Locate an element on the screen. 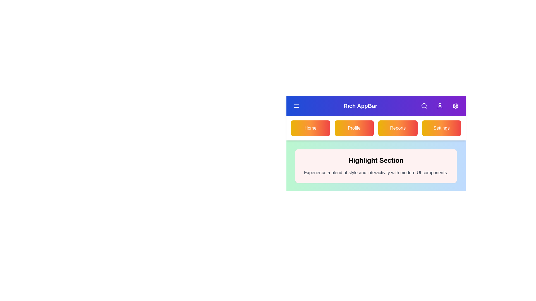 This screenshot has height=301, width=536. the button labeled User to observe its hover effect is located at coordinates (439, 106).